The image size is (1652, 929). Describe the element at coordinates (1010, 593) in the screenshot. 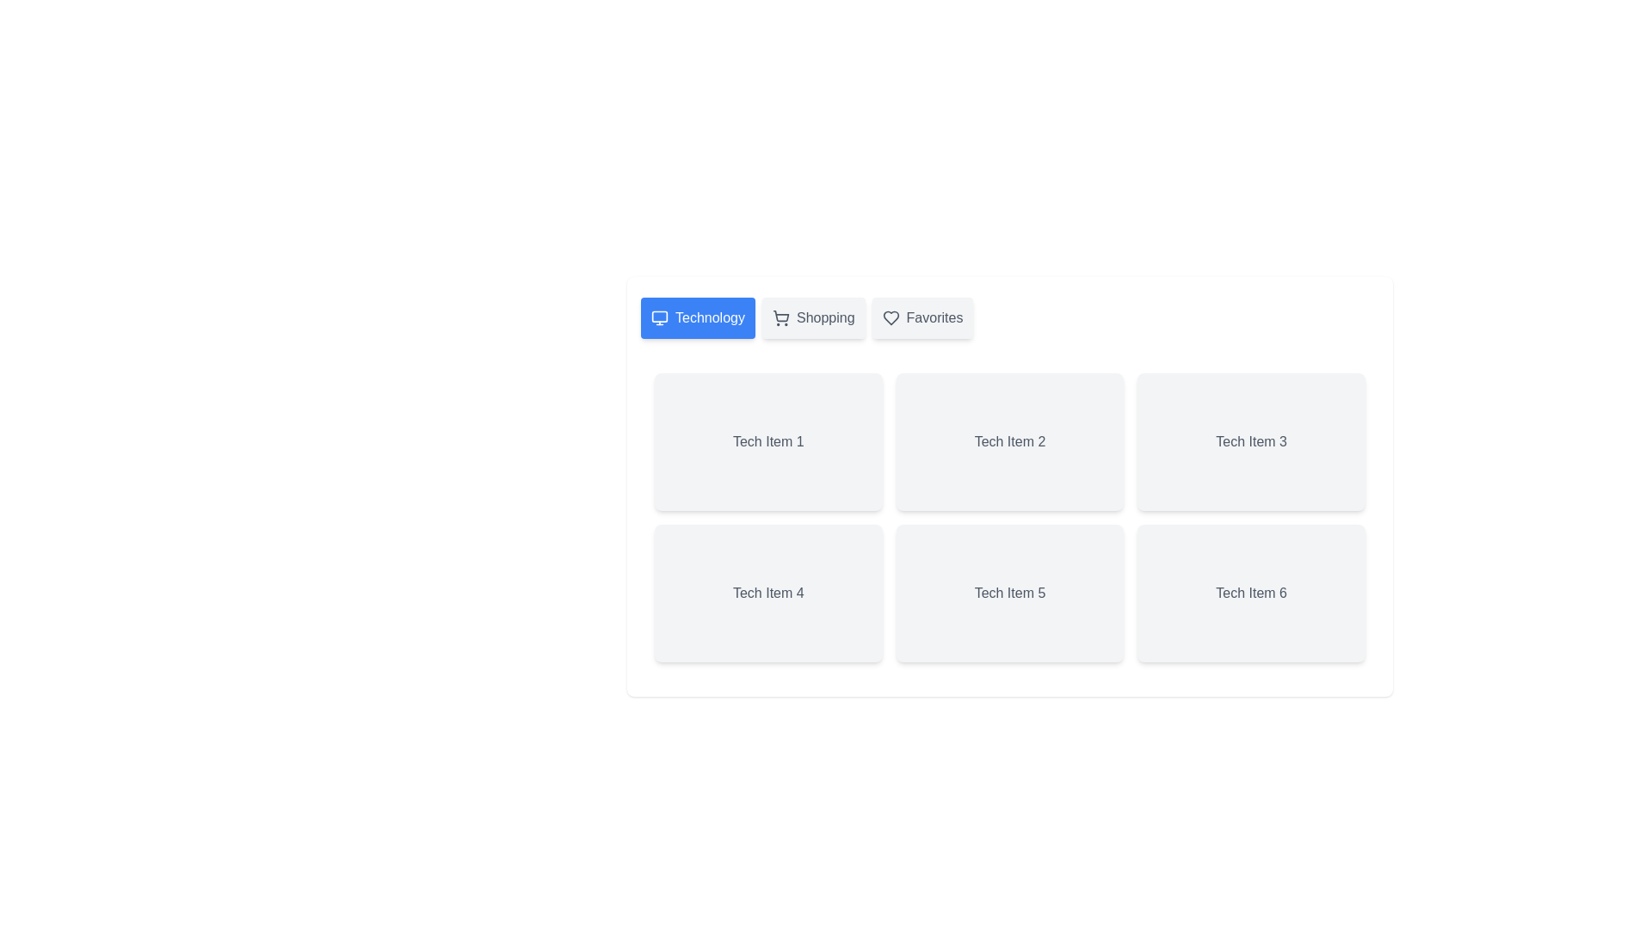

I see `the item labeled Tech Item 5 within the active tab` at that location.